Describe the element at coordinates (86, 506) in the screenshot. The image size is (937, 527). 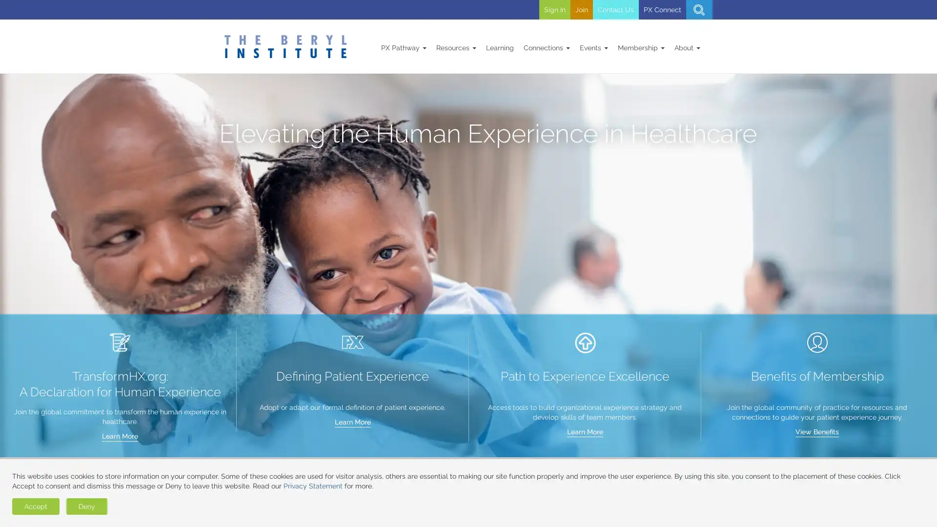
I see `Deny` at that location.